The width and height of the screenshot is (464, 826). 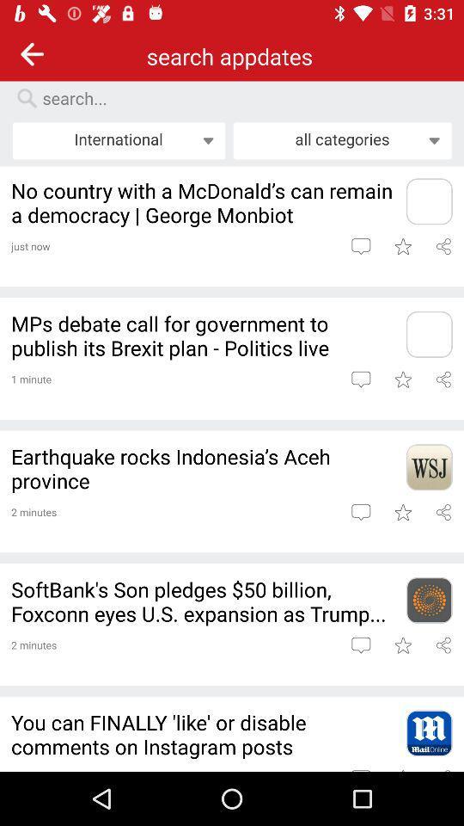 I want to click on click on full message message, so click(x=360, y=512).